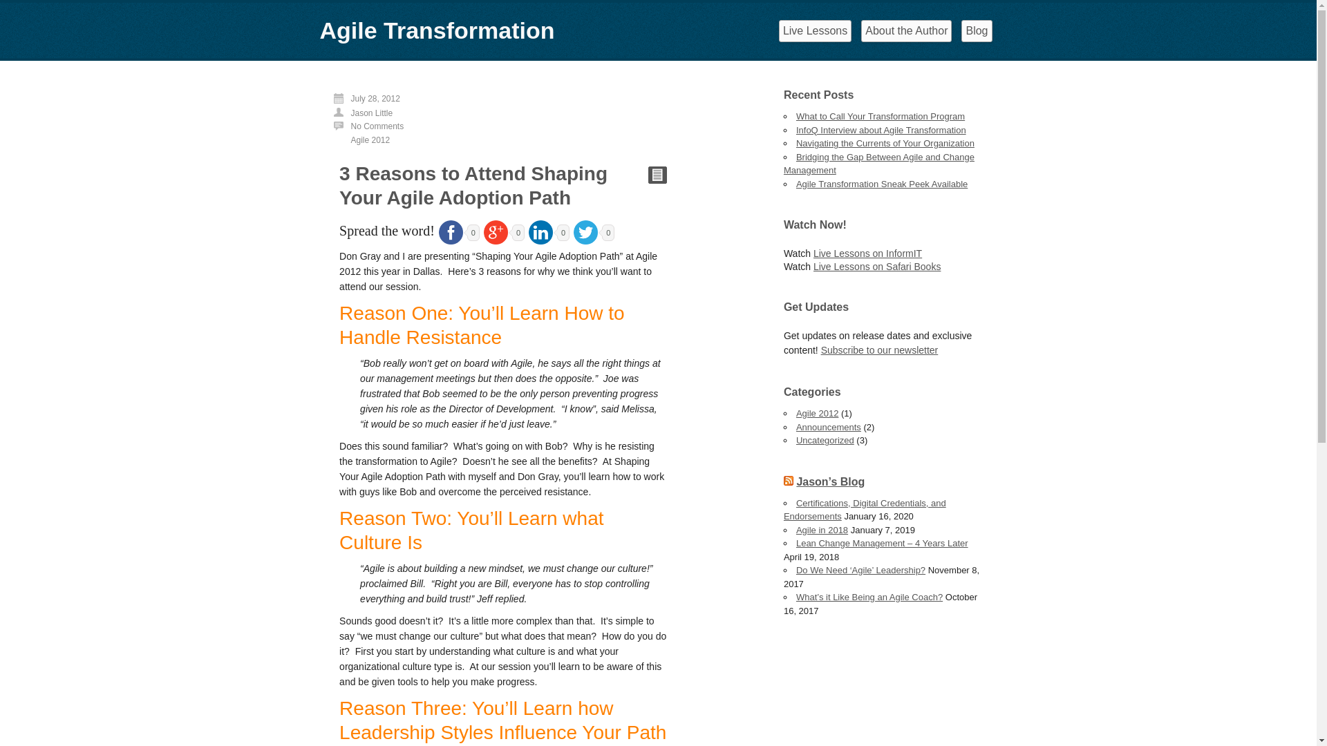 This screenshot has width=1327, height=746. What do you see at coordinates (885, 143) in the screenshot?
I see `'Navigating the Currents of Your Organization'` at bounding box center [885, 143].